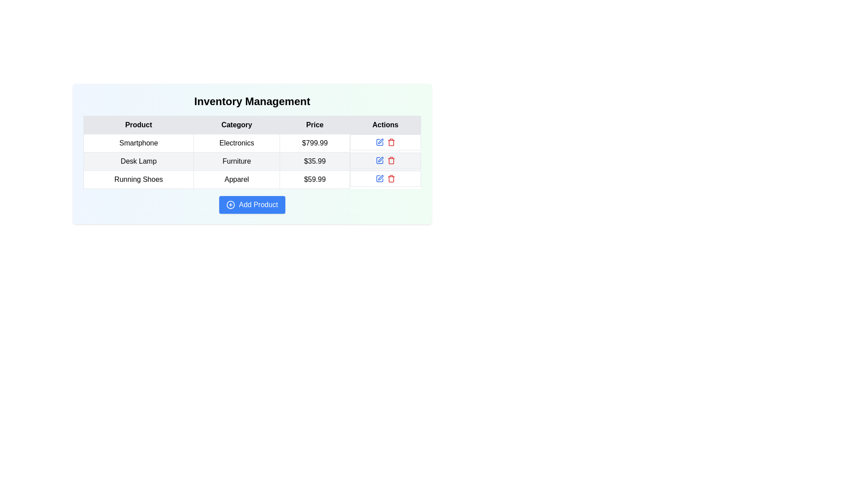 The image size is (852, 479). I want to click on the product name cell located in the first row and first column of the inventory table beneath the 'Product' header, so click(138, 143).